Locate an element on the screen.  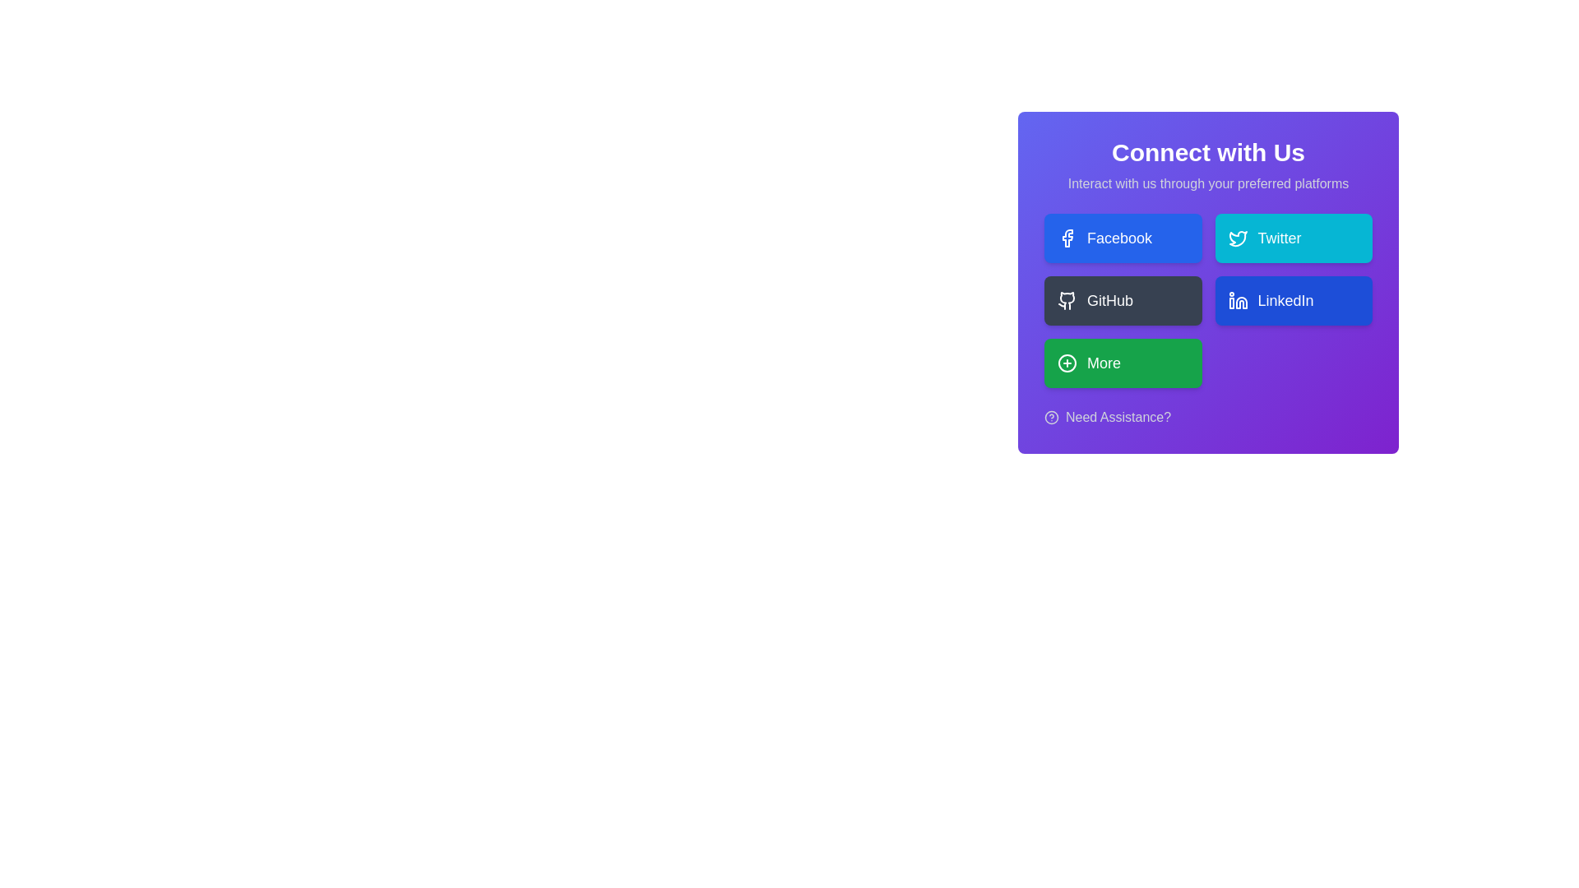
the blue rectangular button labeled 'Facebook' with a white Facebook icon on its left side is located at coordinates (1122, 238).